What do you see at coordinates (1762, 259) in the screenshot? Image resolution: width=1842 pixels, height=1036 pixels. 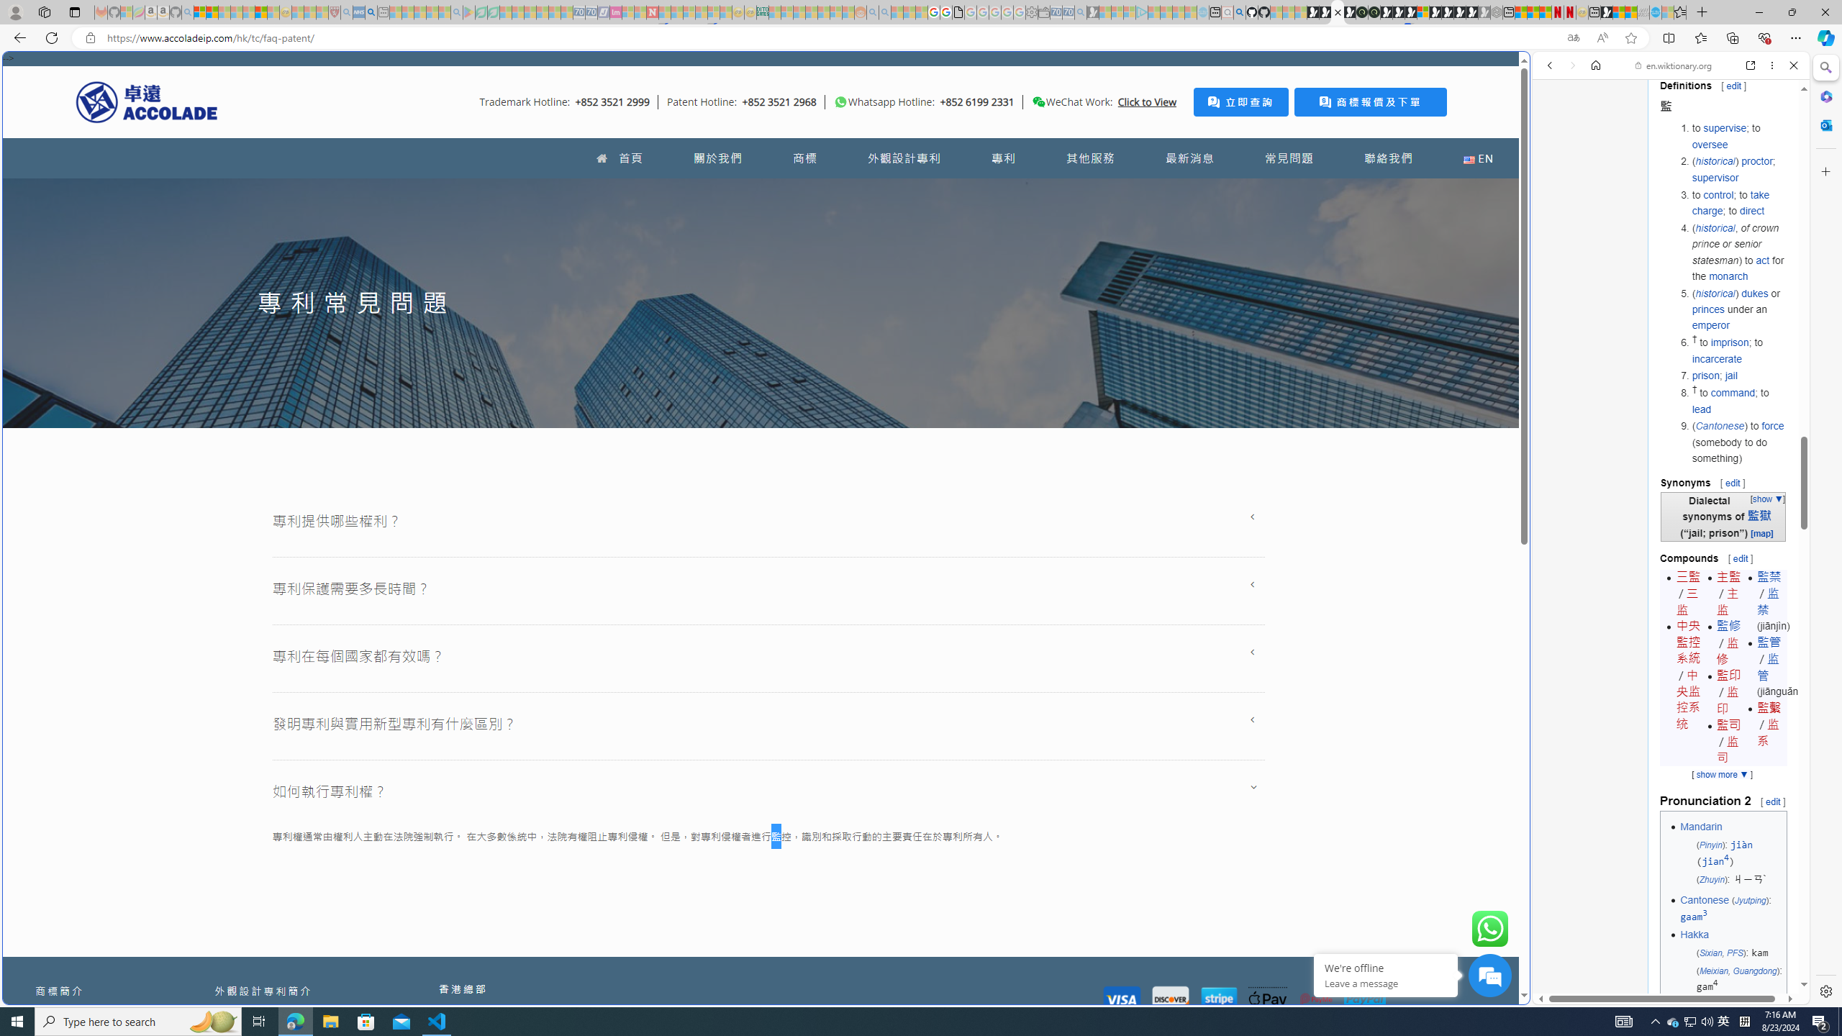 I see `'act'` at bounding box center [1762, 259].